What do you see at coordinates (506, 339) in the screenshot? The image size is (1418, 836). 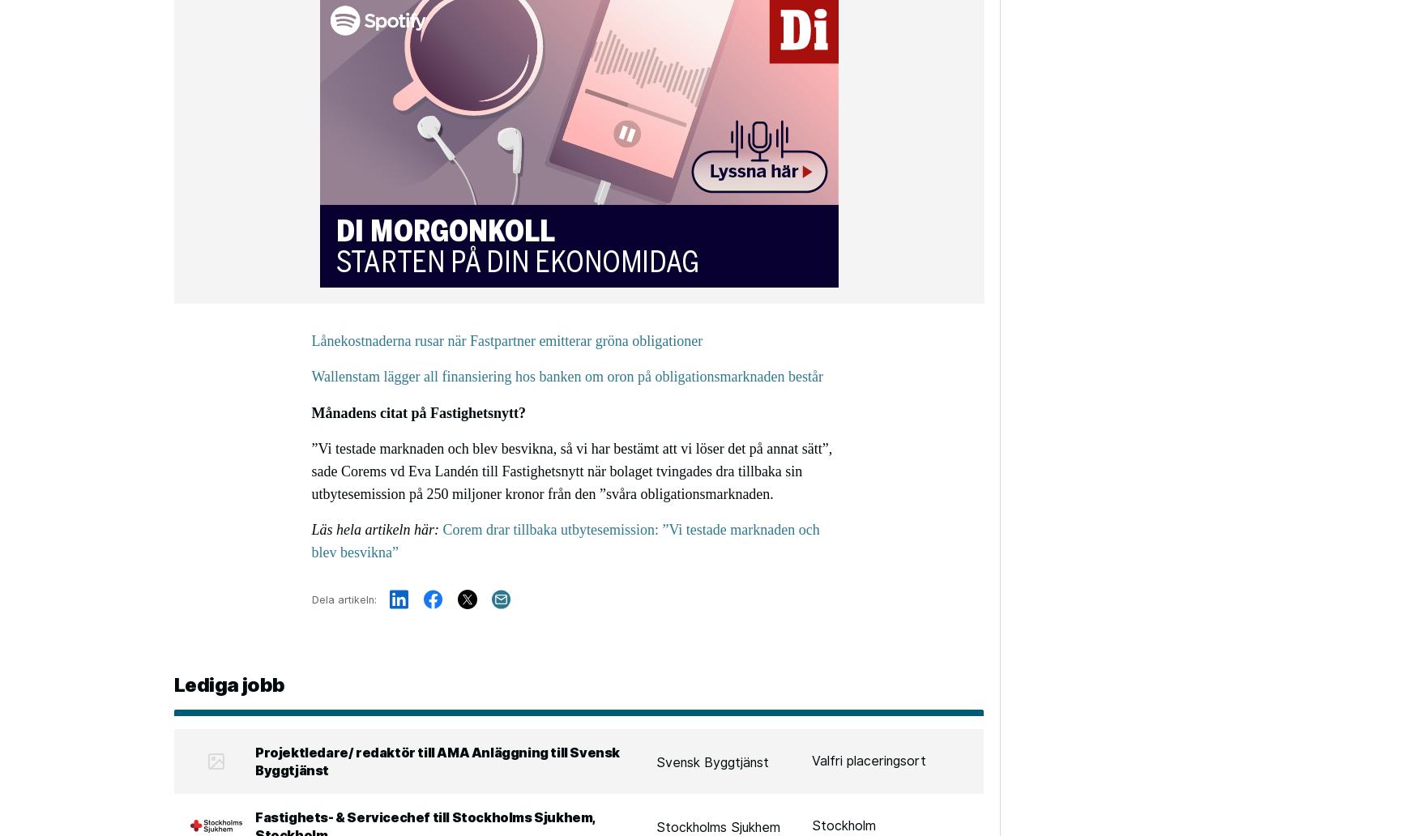 I see `'Lånekostnaderna rusar när Fastpartner emitterar gröna obligationer'` at bounding box center [506, 339].